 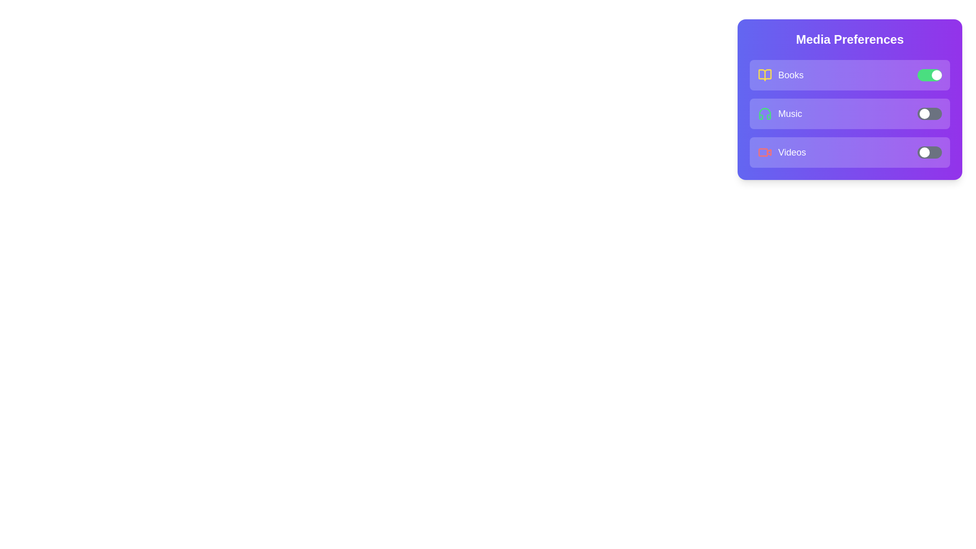 I want to click on the toggle switch for the 'Books' option in the 'Media Preferences' panel, so click(x=929, y=74).